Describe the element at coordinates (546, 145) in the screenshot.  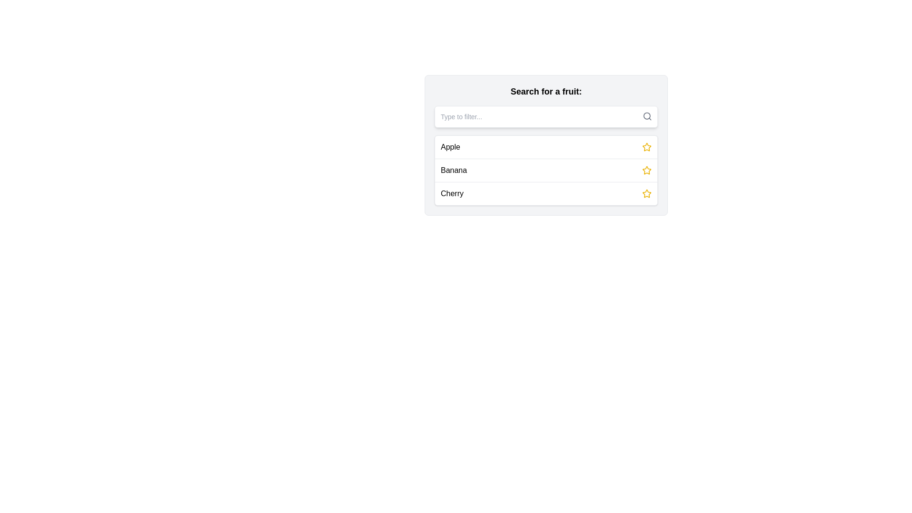
I see `the first entry in the dropdown menu labeled 'Apple'` at that location.